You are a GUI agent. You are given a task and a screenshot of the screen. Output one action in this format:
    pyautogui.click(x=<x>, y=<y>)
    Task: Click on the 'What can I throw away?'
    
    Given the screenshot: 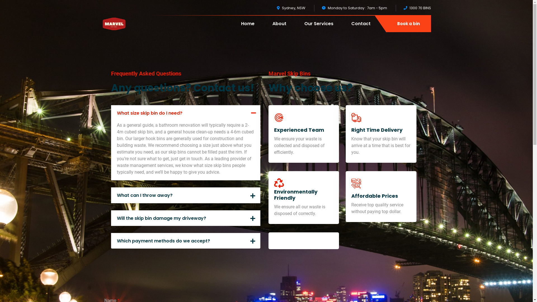 What is the action you would take?
    pyautogui.click(x=185, y=195)
    